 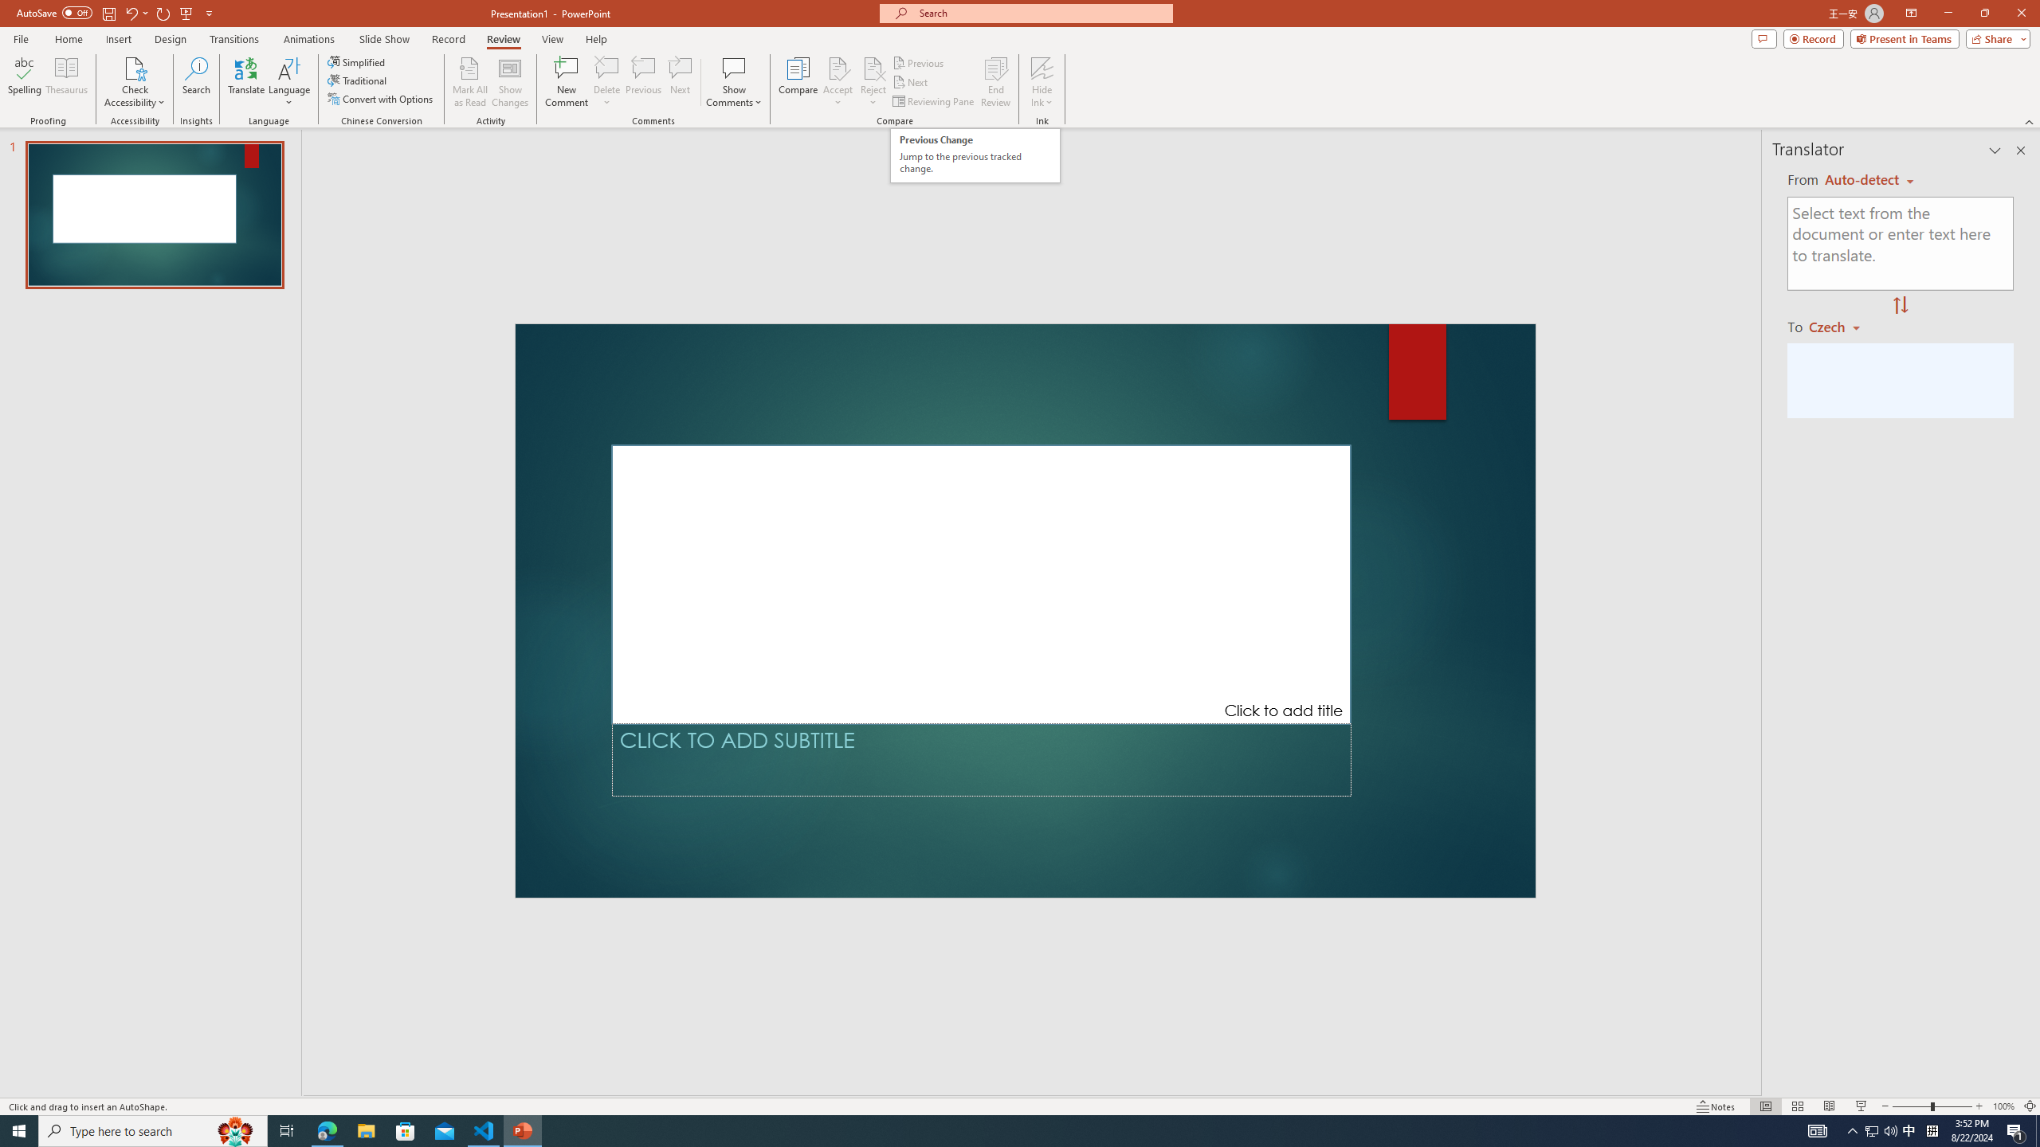 What do you see at coordinates (838, 67) in the screenshot?
I see `'Accept Change'` at bounding box center [838, 67].